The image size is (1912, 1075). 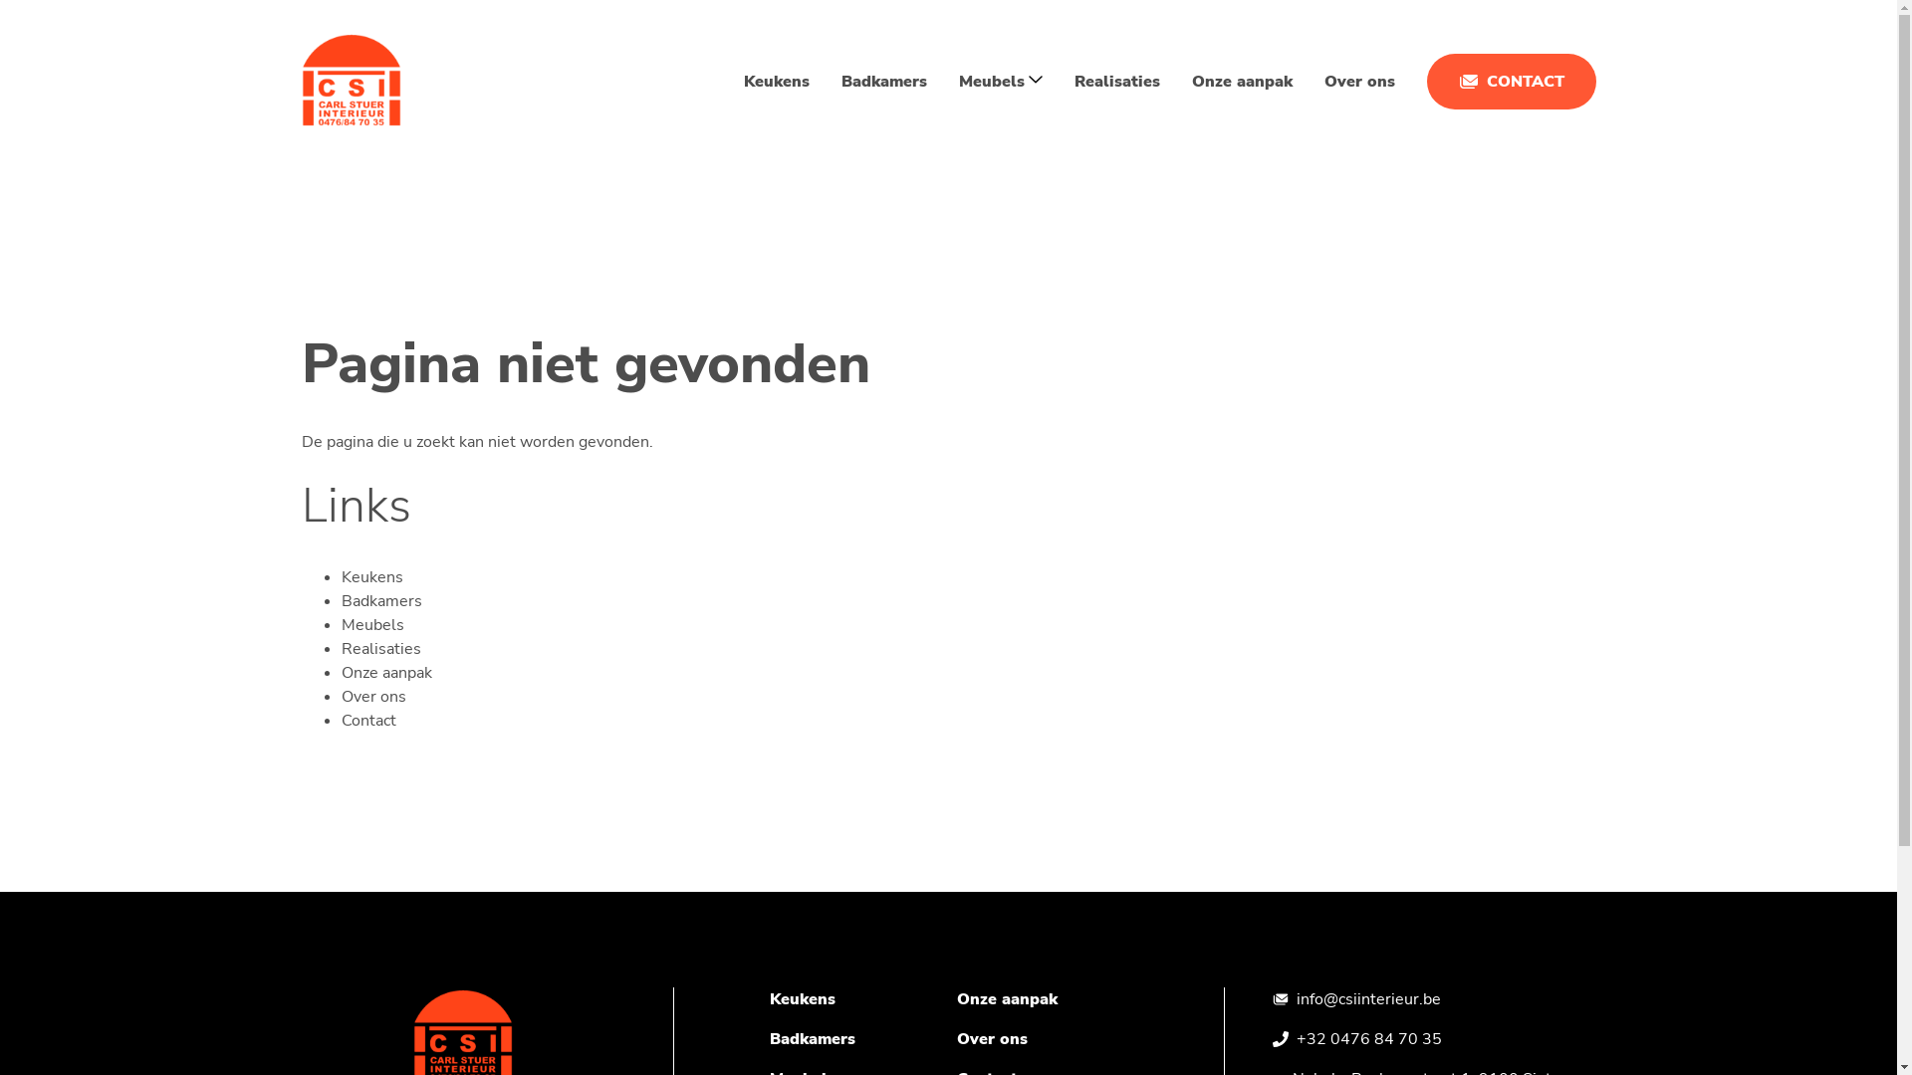 What do you see at coordinates (1367, 1038) in the screenshot?
I see `'+32 0476 84 70 35'` at bounding box center [1367, 1038].